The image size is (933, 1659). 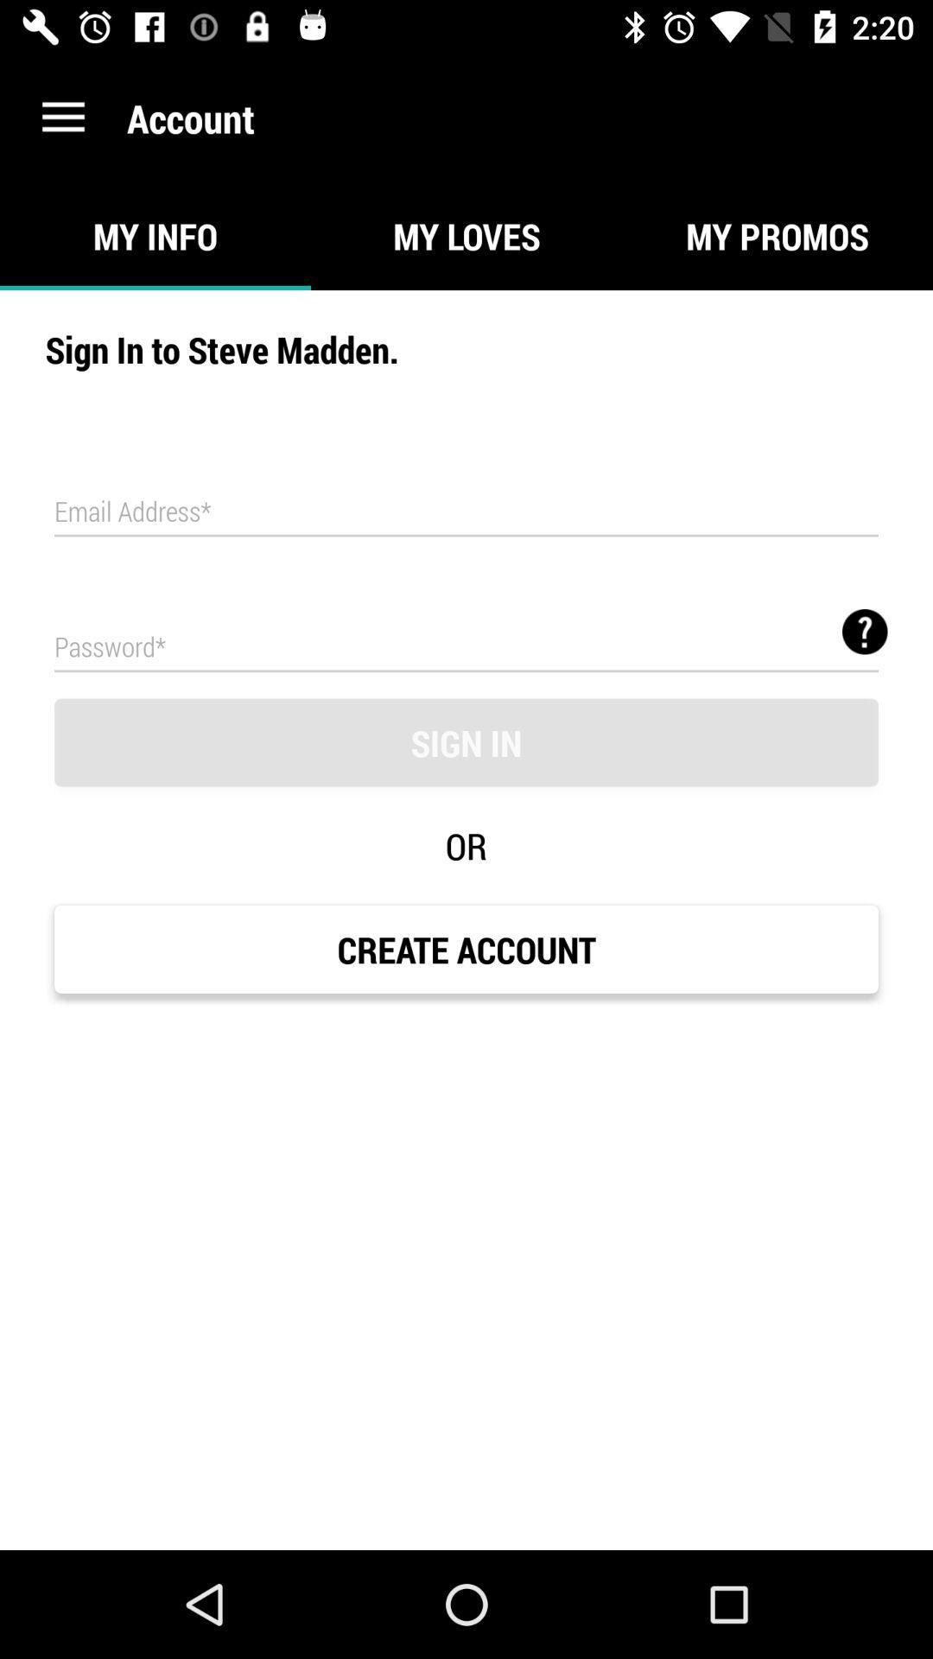 I want to click on the item to the left of the account, so click(x=62, y=117).